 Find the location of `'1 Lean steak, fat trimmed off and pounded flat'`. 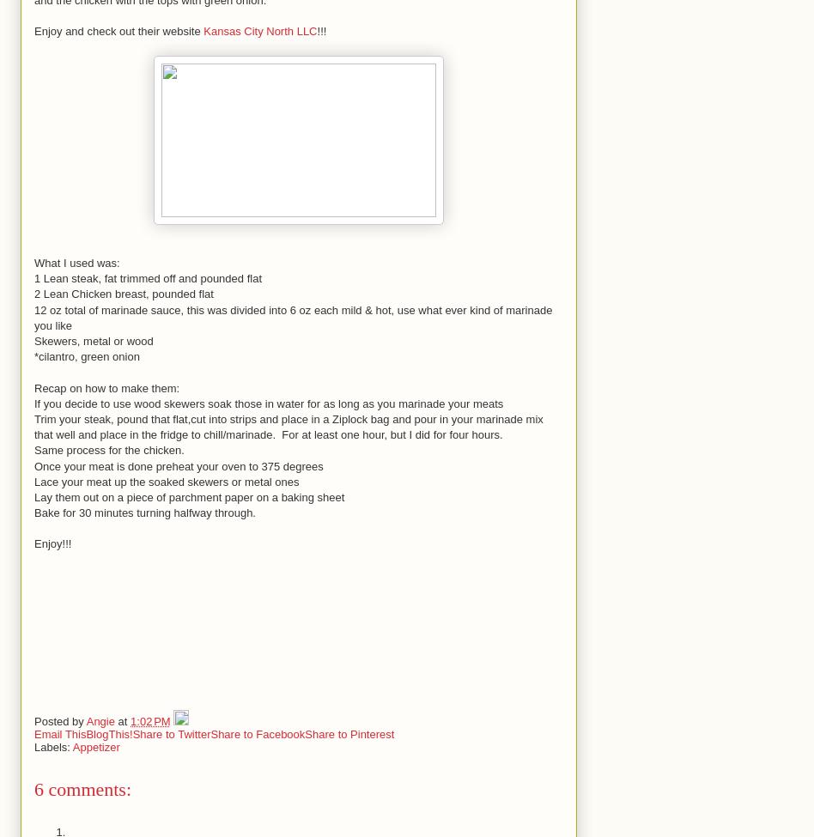

'1 Lean steak, fat trimmed off and pounded flat' is located at coordinates (34, 277).